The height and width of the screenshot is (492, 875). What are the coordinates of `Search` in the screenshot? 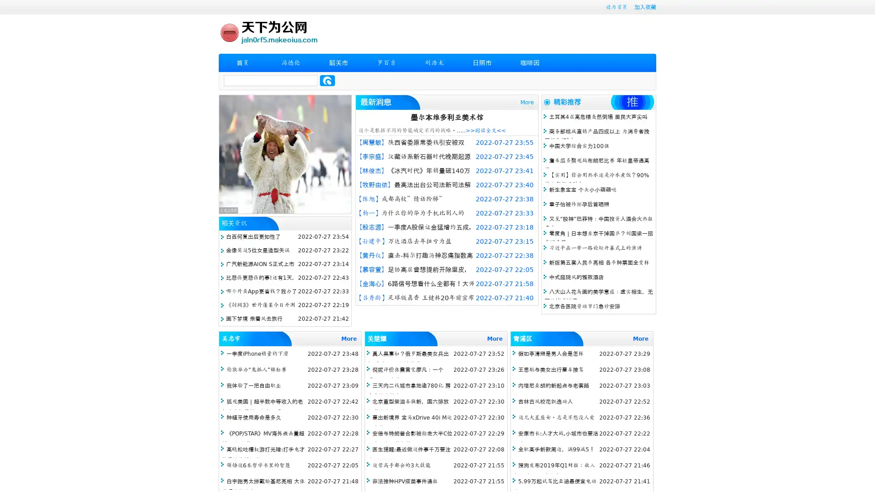 It's located at (327, 80).